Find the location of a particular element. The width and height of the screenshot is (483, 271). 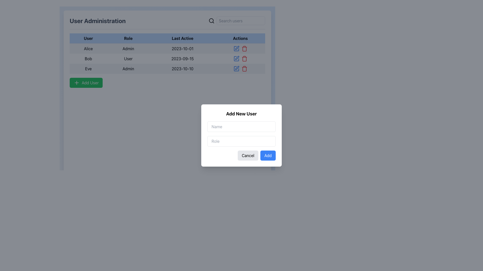

the 'Admin' text label in the 'Role' column of the user data table for user 'Eve' is located at coordinates (128, 69).